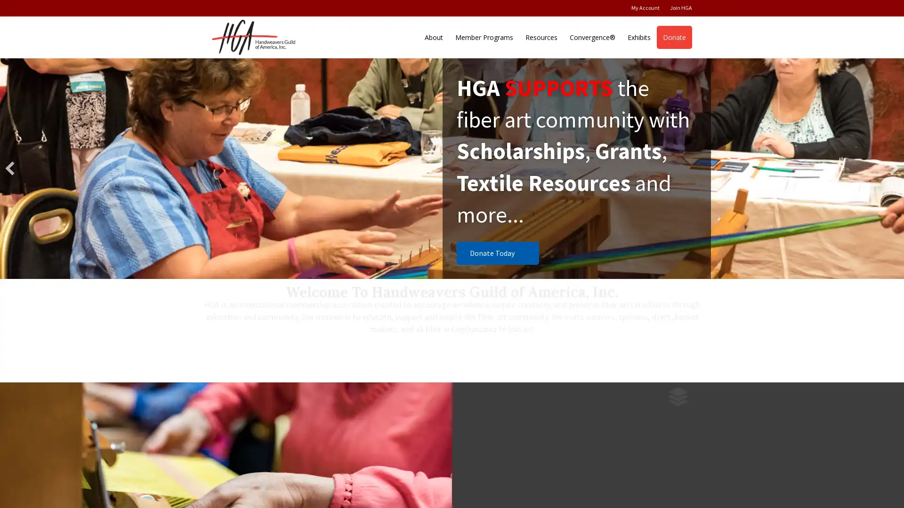 This screenshot has height=508, width=904. I want to click on previous, so click(9, 168).